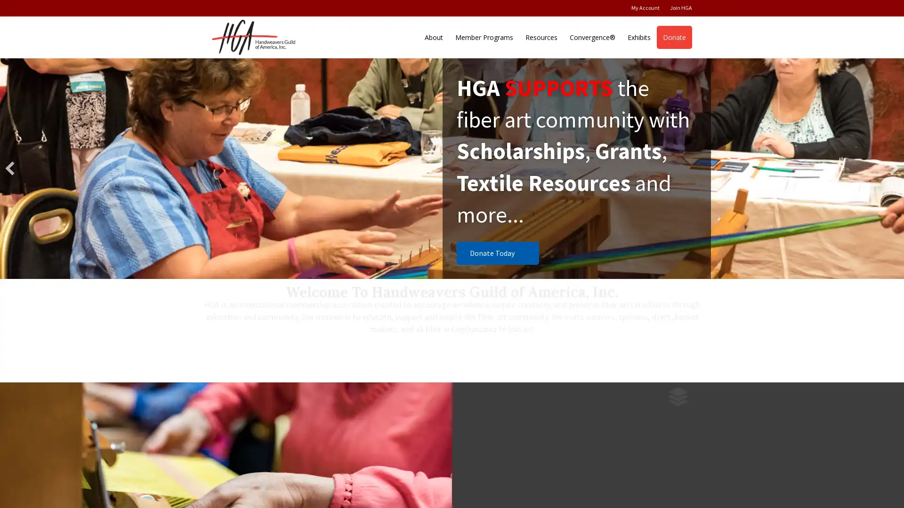 This screenshot has height=508, width=904. I want to click on previous, so click(9, 168).